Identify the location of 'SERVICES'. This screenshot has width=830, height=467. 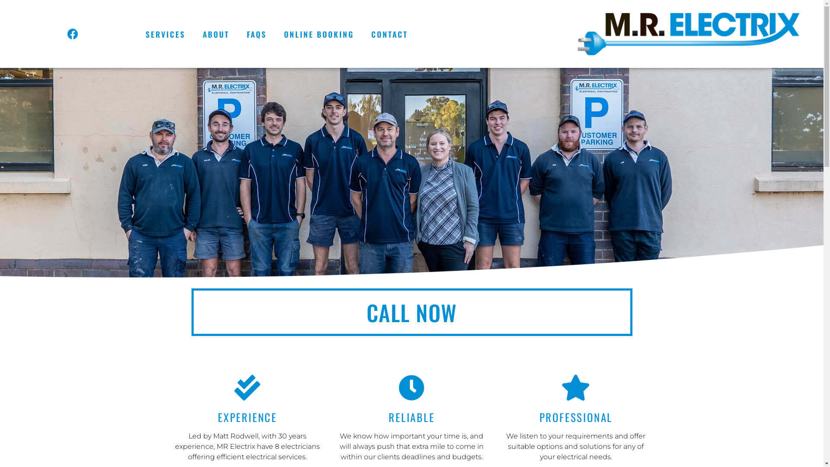
(166, 33).